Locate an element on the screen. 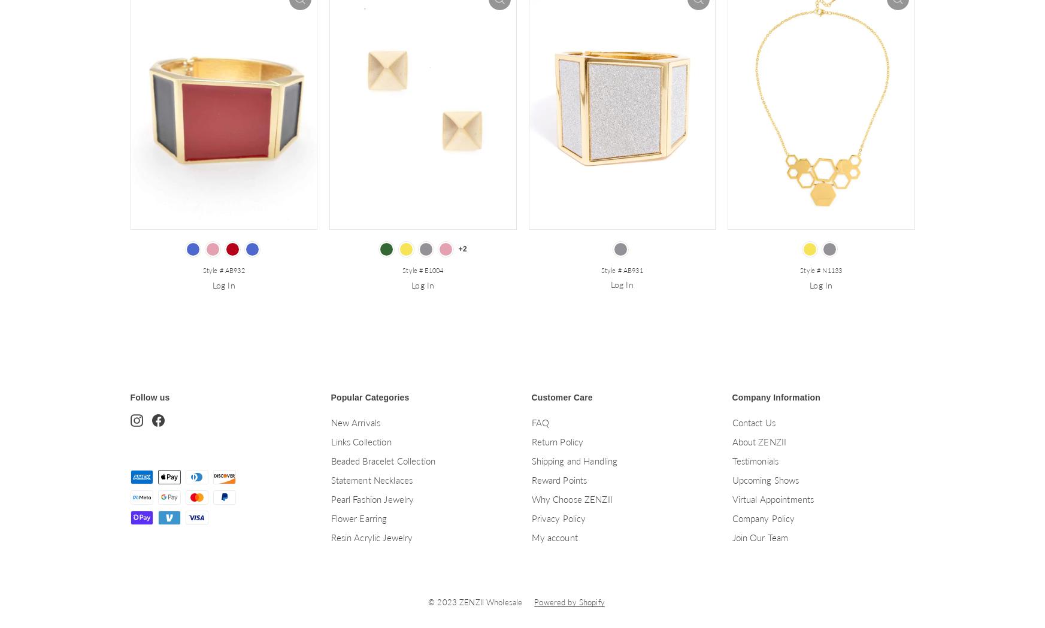 The width and height of the screenshot is (1045, 628). 'Why Choose ZENZII' is located at coordinates (571, 498).